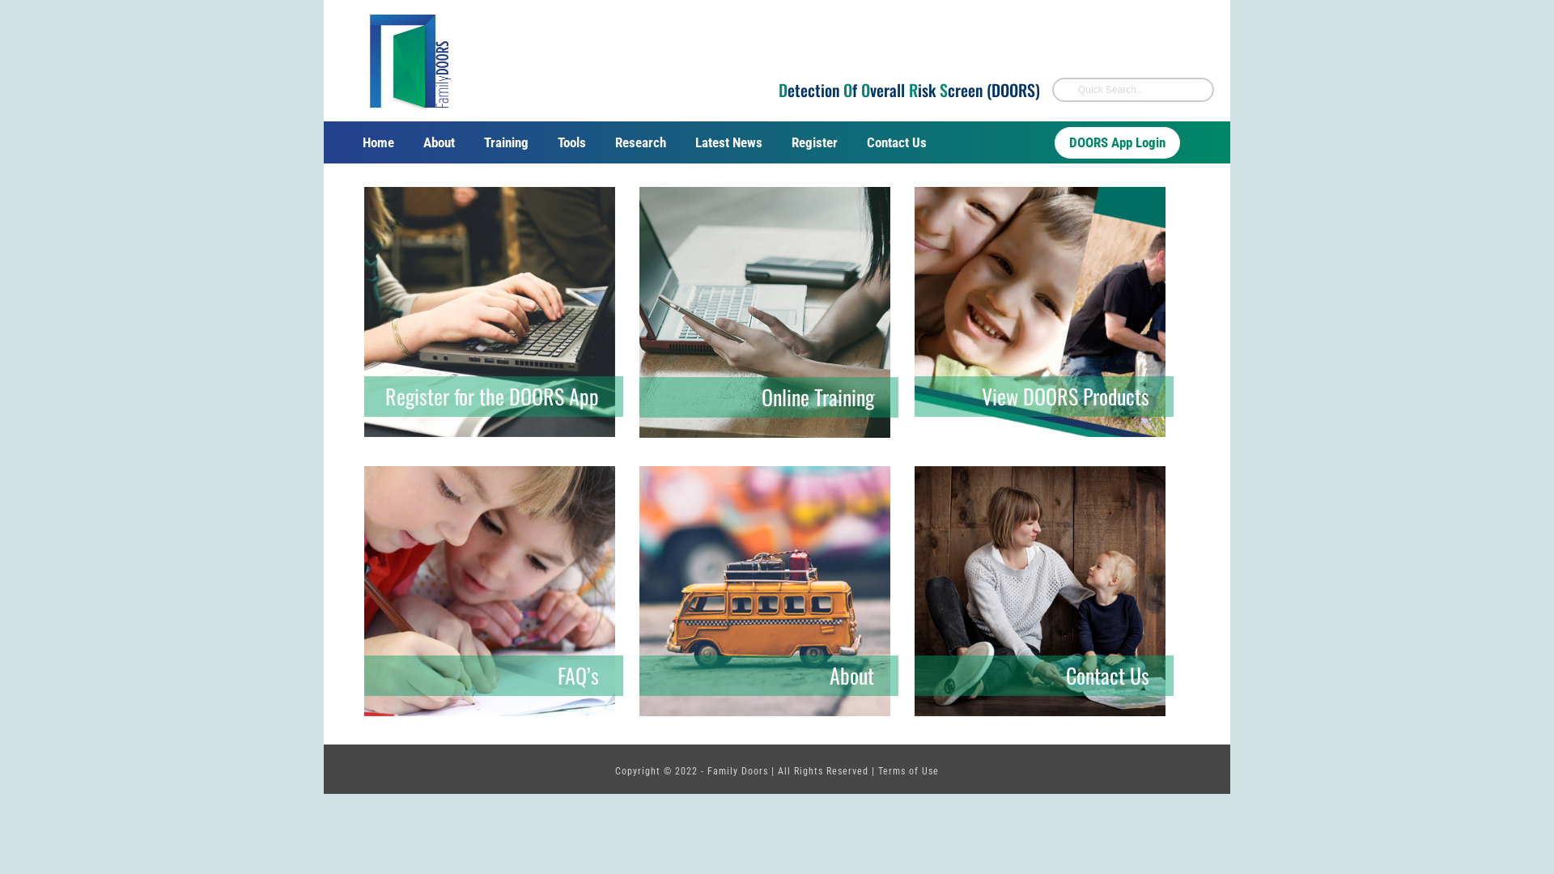 The height and width of the screenshot is (874, 1554). What do you see at coordinates (505, 142) in the screenshot?
I see `'Training'` at bounding box center [505, 142].